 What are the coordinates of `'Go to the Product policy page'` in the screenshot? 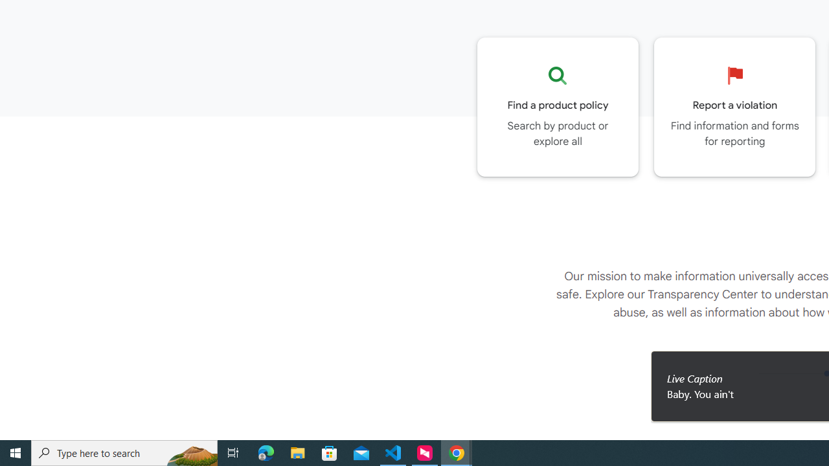 It's located at (558, 106).